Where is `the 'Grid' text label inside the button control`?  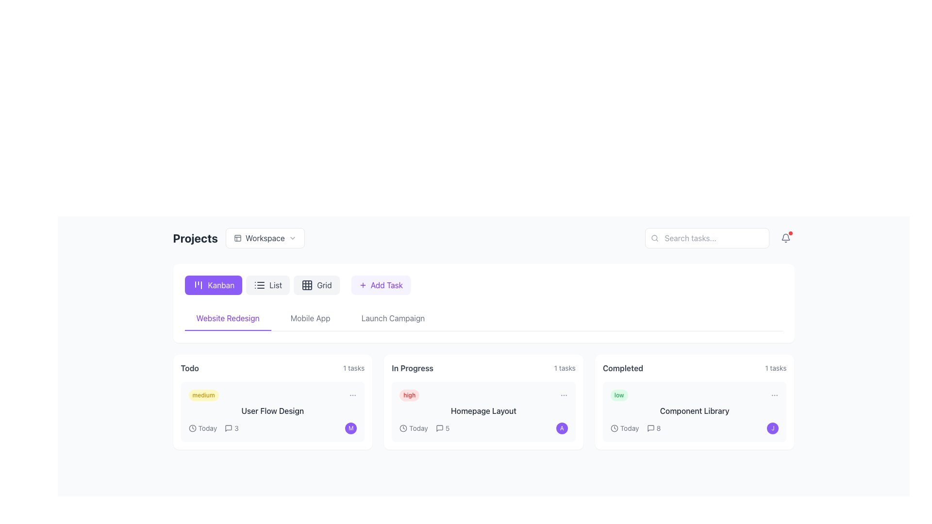
the 'Grid' text label inside the button control is located at coordinates (324, 284).